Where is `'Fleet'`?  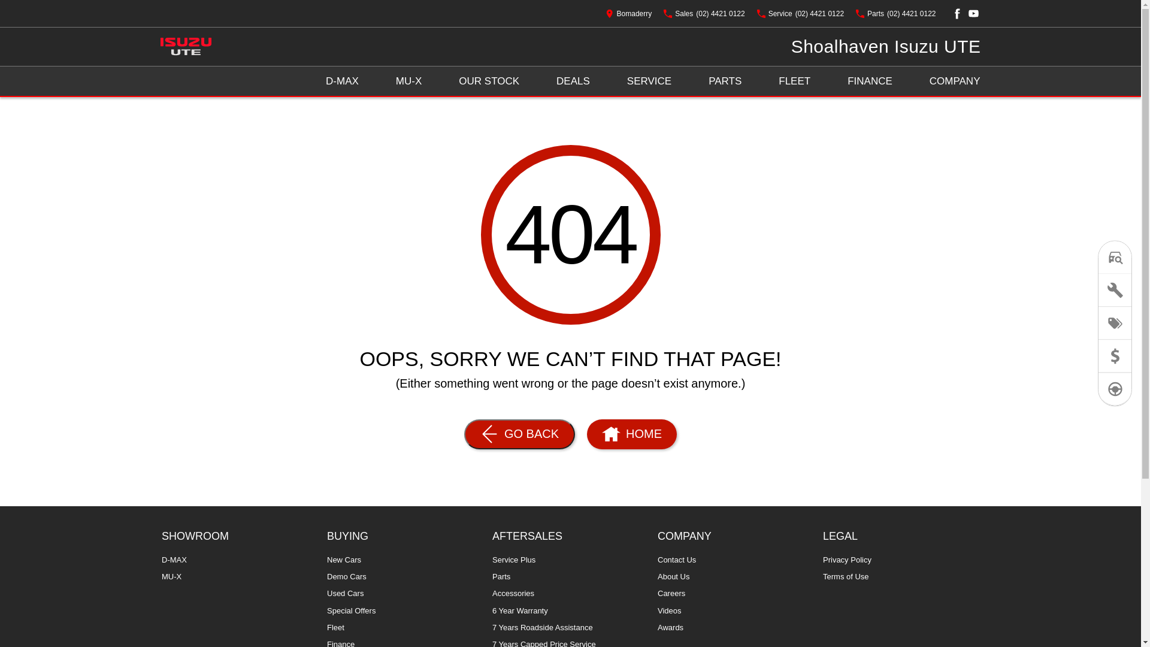 'Fleet' is located at coordinates (335, 630).